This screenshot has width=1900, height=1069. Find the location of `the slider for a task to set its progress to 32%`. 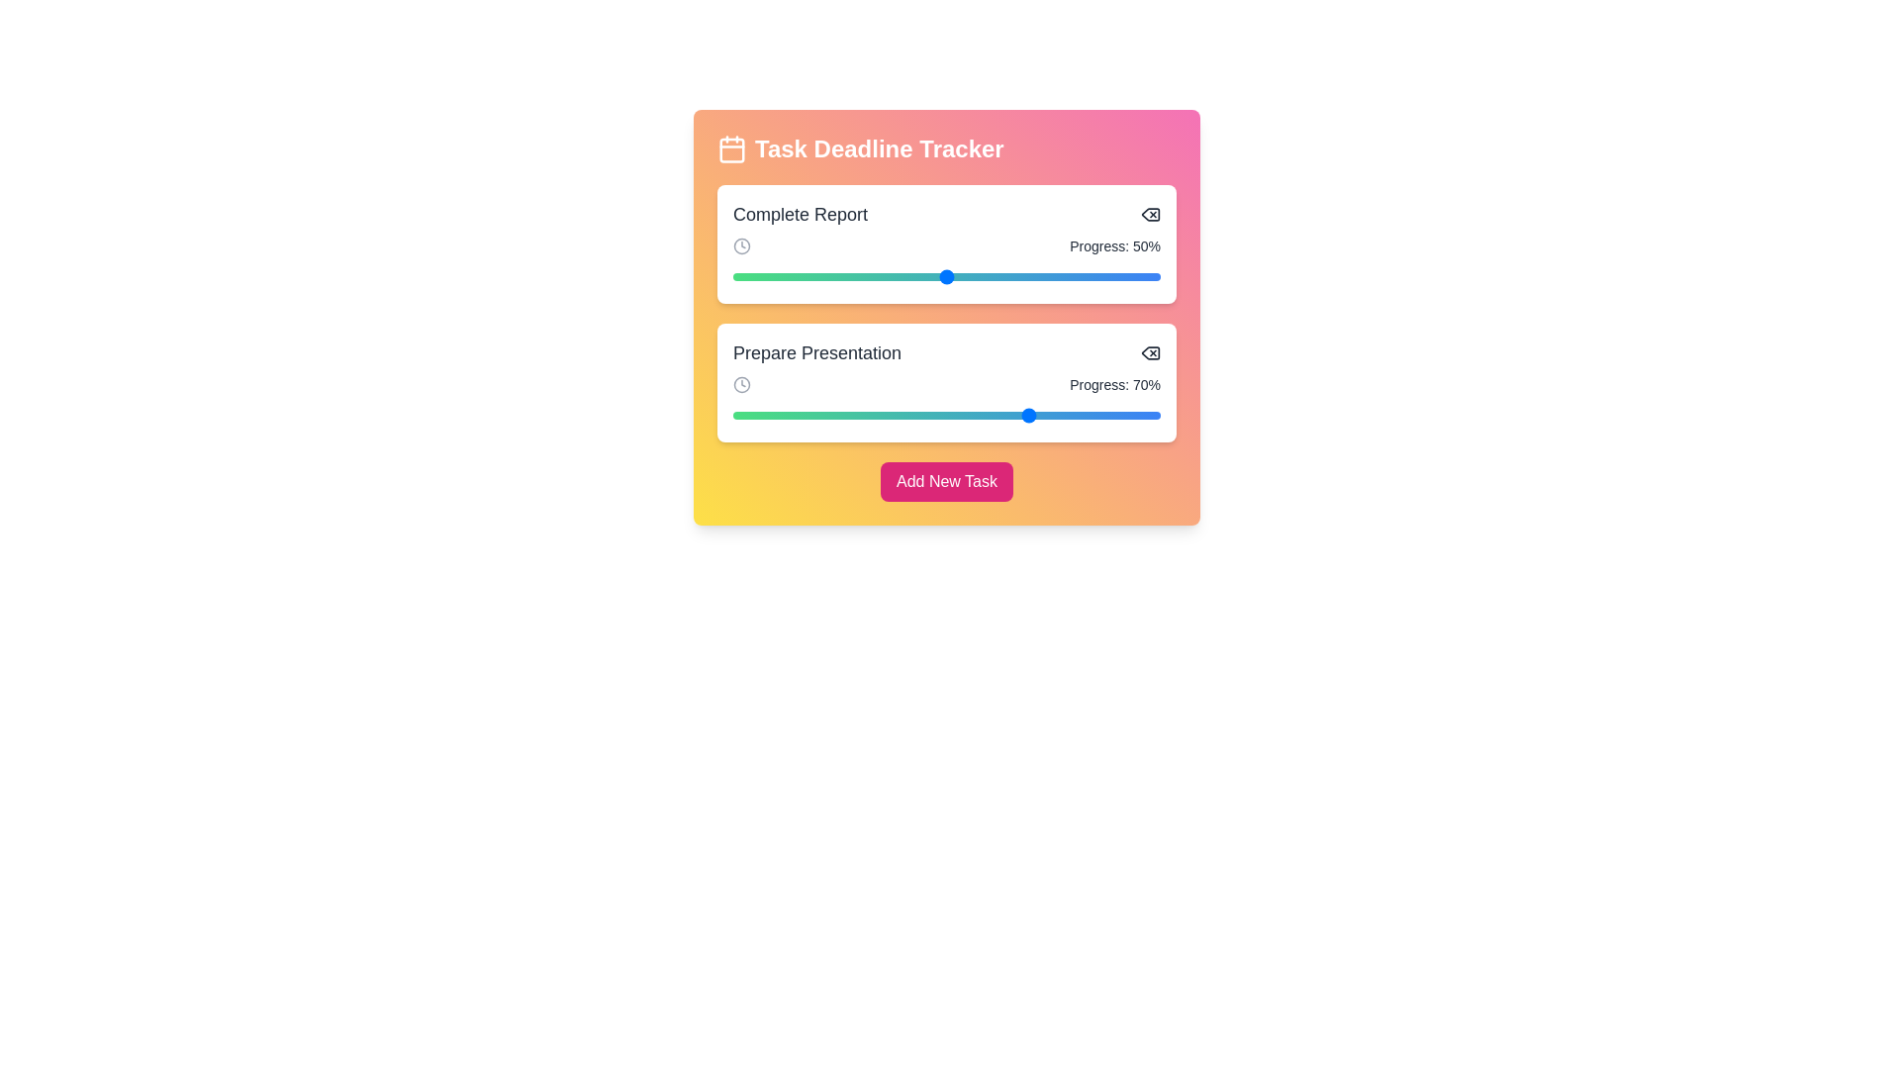

the slider for a task to set its progress to 32% is located at coordinates (870, 277).